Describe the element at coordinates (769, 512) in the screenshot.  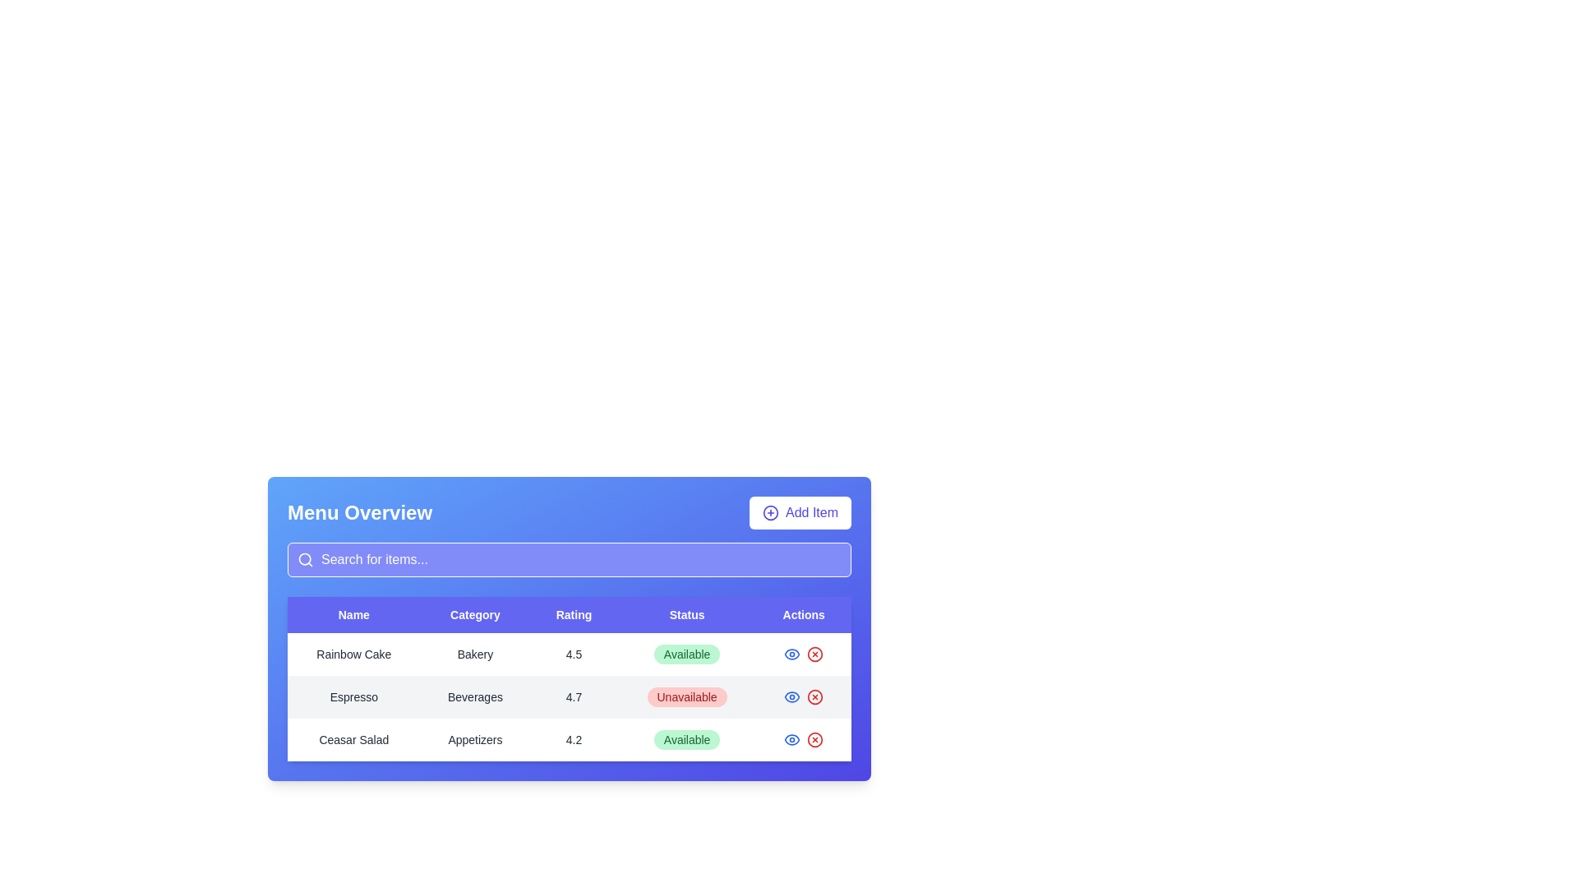
I see `the SVG circle component that is part of the 'Add Item' button icon located at the top right corner of the interface` at that location.